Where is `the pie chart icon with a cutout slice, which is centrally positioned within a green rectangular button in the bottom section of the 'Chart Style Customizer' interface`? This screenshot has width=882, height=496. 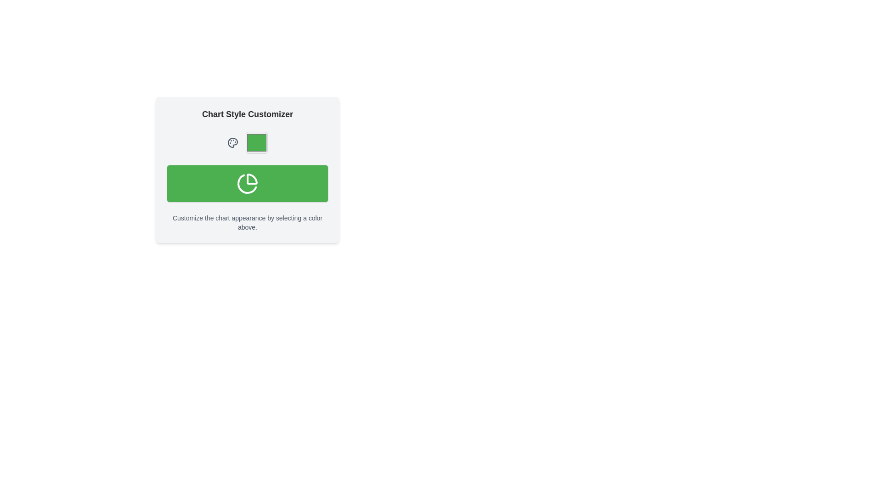
the pie chart icon with a cutout slice, which is centrally positioned within a green rectangular button in the bottom section of the 'Chart Style Customizer' interface is located at coordinates (247, 184).